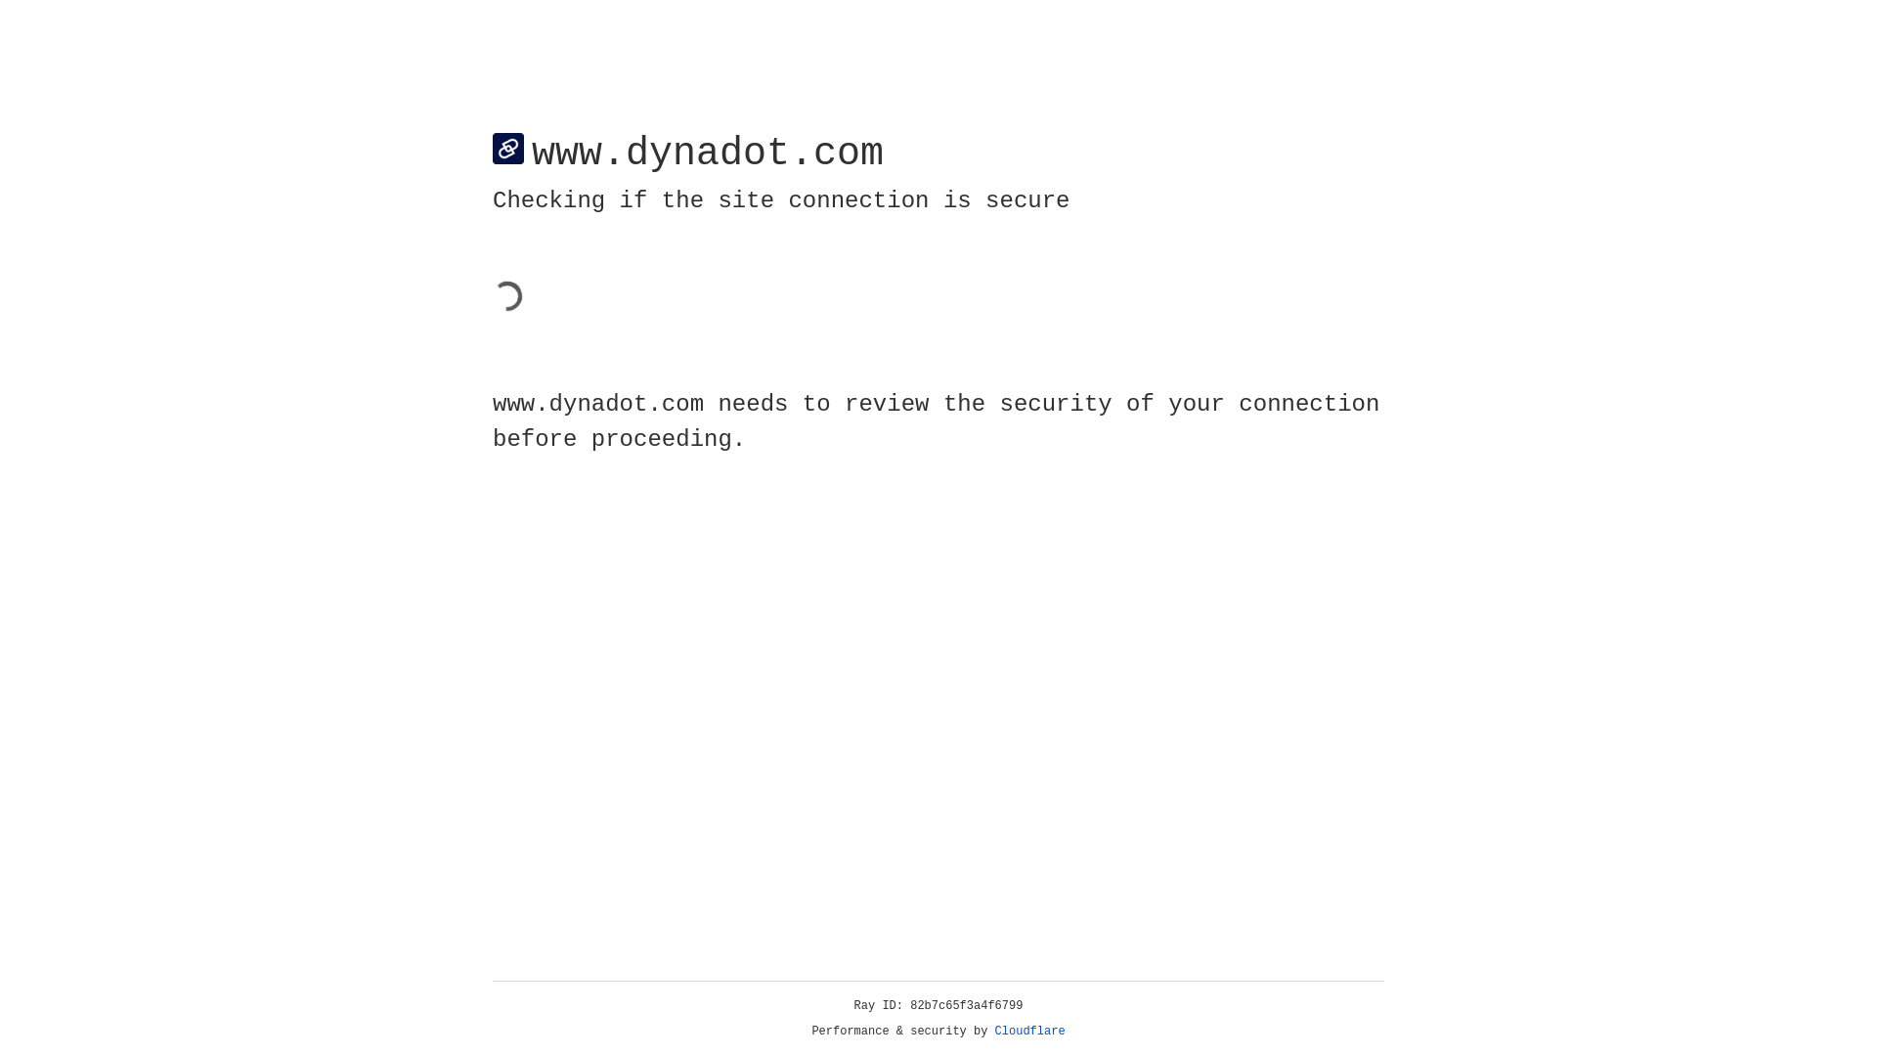 The width and height of the screenshot is (1877, 1056). What do you see at coordinates (1029, 1031) in the screenshot?
I see `'Cloudflare'` at bounding box center [1029, 1031].